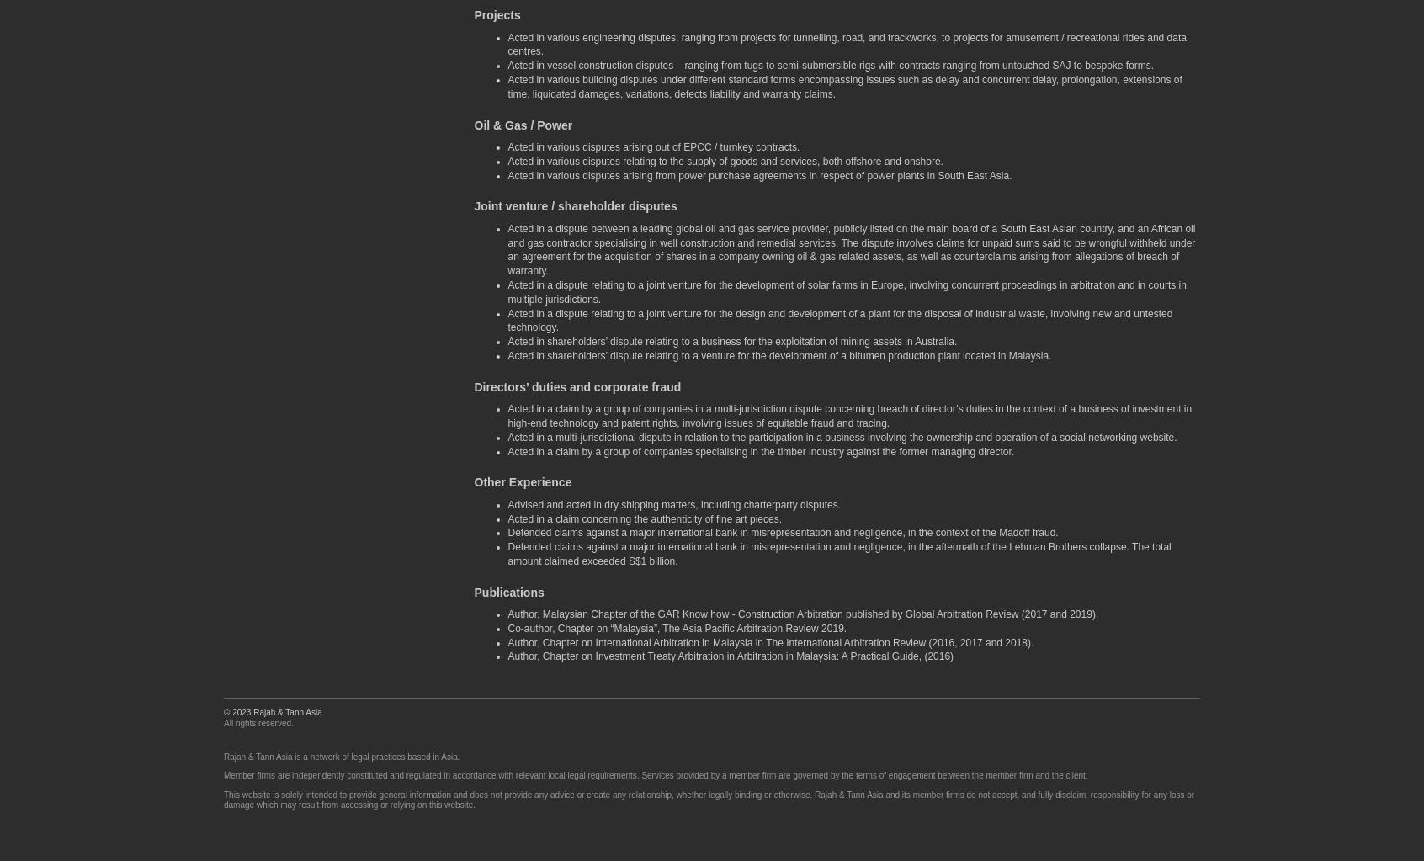  What do you see at coordinates (843, 87) in the screenshot?
I see `'Acted in various building disputes under different standard forms encompassing issues such as delay and concurrent delay, prolongation, extensions of time, liquidated damages, variations, defects liability and warranty claims.'` at bounding box center [843, 87].